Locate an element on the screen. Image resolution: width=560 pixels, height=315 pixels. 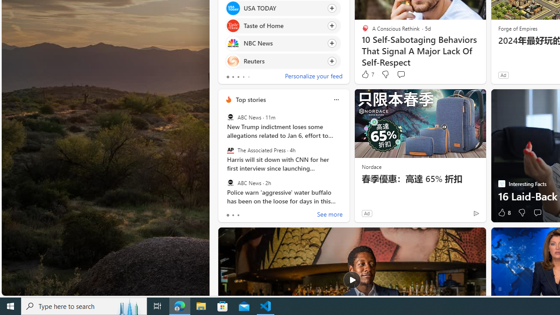
'tab-2' is located at coordinates (238, 215).